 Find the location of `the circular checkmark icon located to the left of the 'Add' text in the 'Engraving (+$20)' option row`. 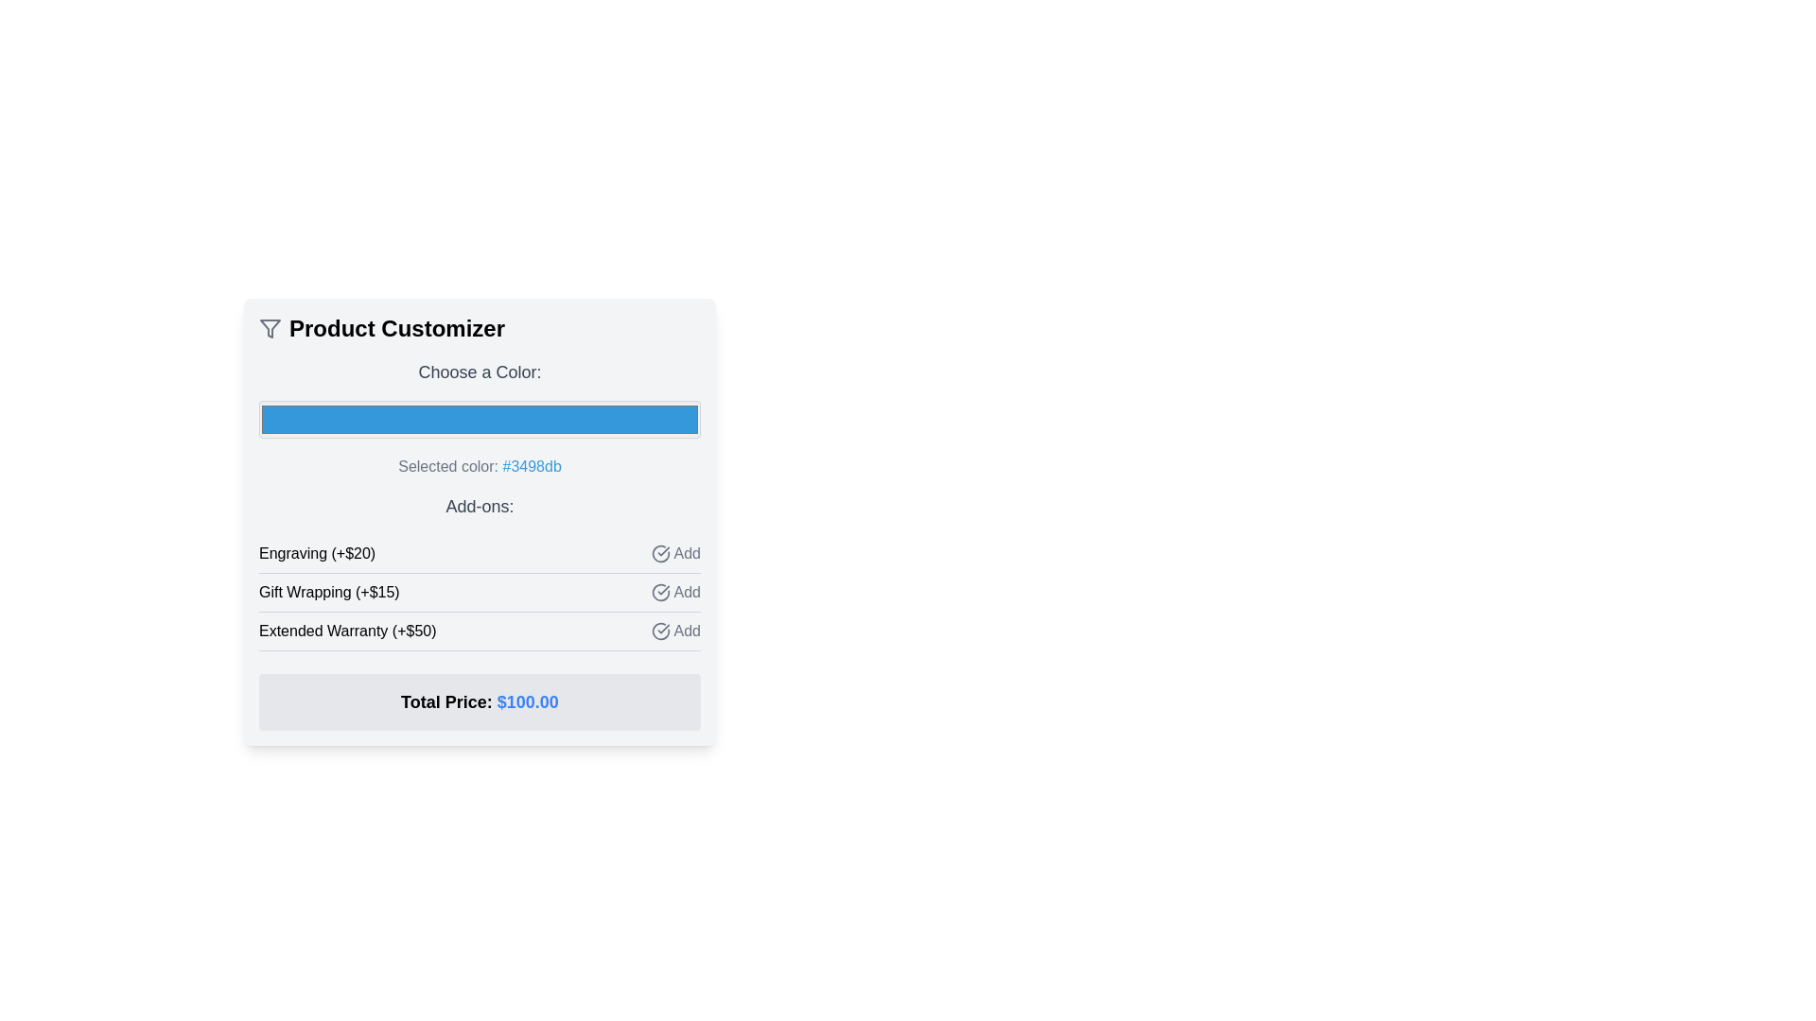

the circular checkmark icon located to the left of the 'Add' text in the 'Engraving (+$20)' option row is located at coordinates (660, 553).